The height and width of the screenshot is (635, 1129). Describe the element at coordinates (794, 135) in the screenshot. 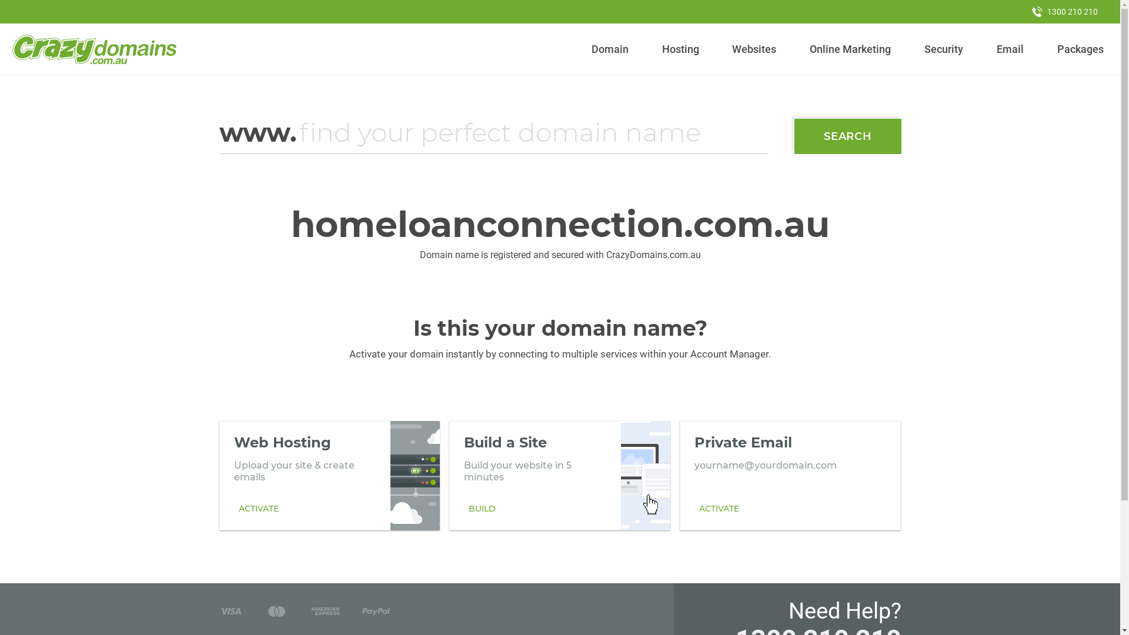

I see `'SEARCH'` at that location.